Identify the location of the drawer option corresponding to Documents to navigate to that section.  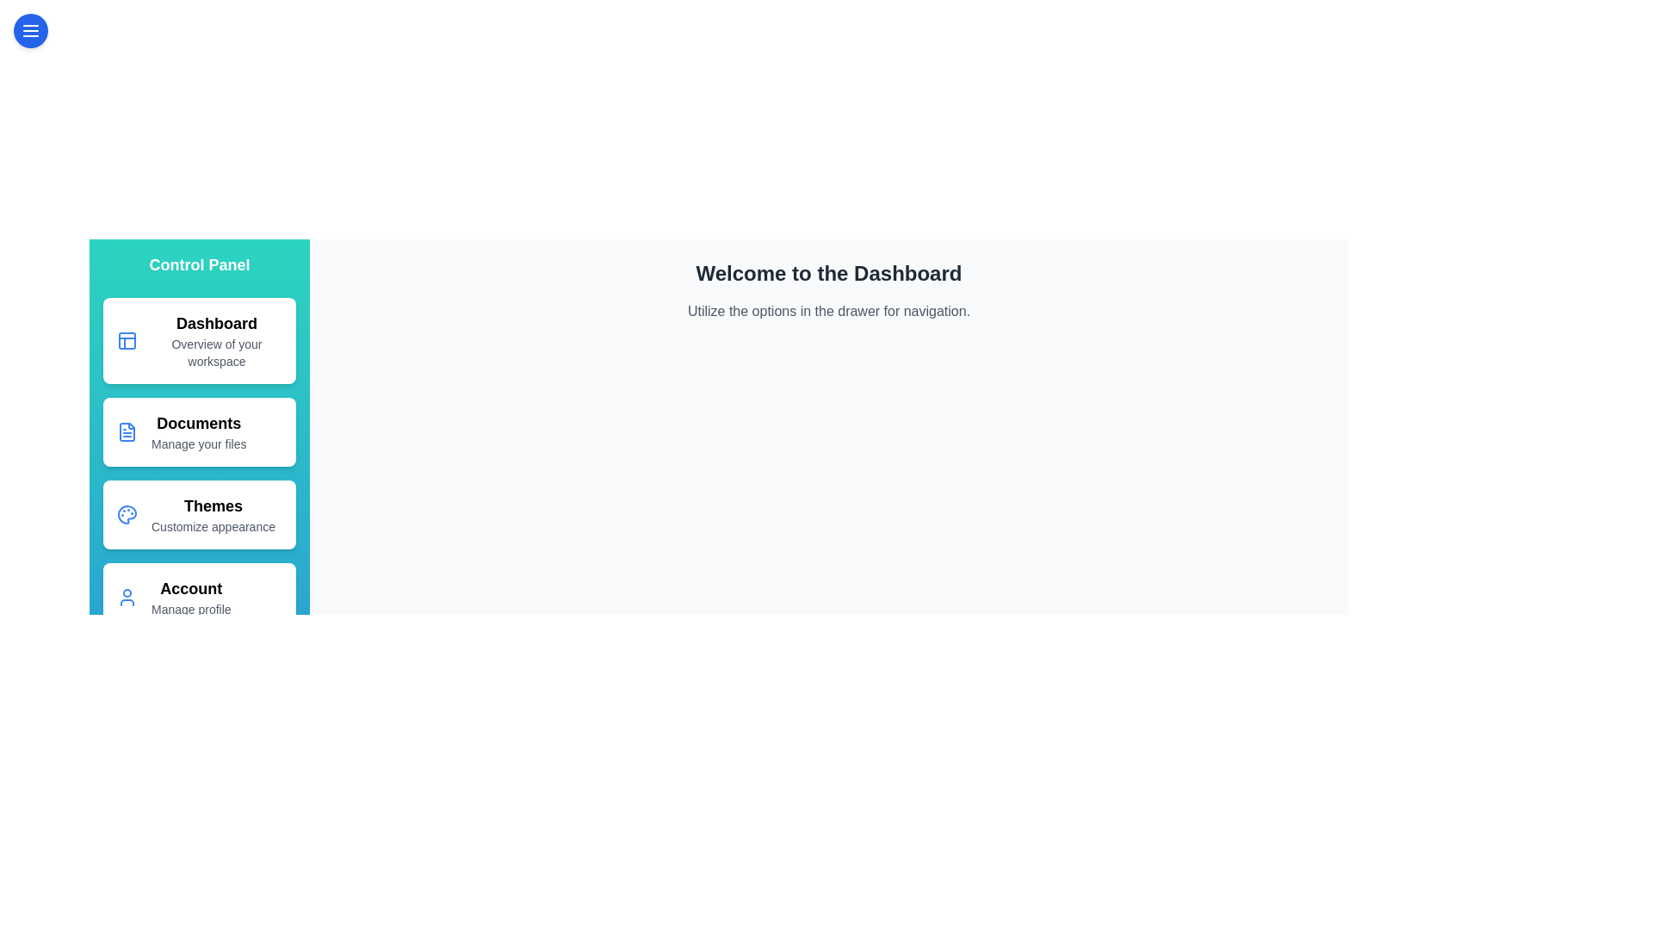
(199, 431).